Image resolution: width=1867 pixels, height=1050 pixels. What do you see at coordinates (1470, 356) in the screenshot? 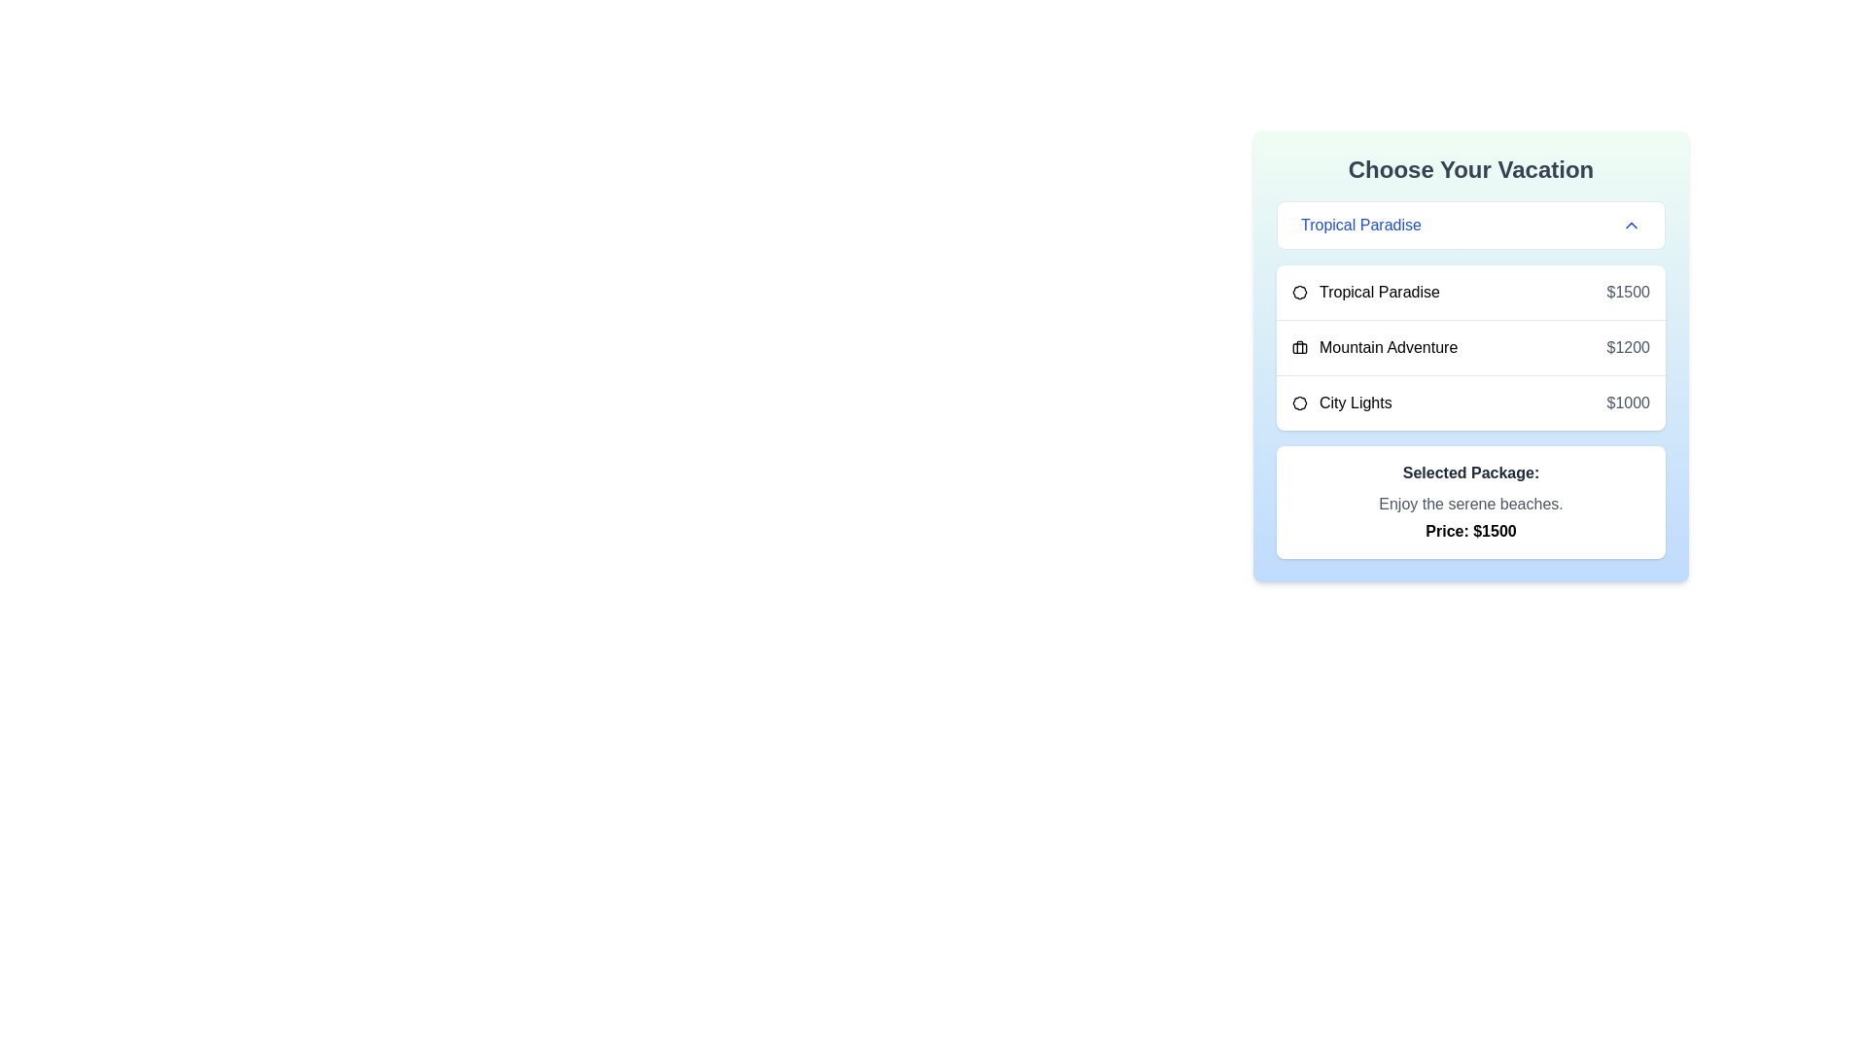
I see `the 'Mountain Adventure' package row in the Interactive selection panel titled 'Choose Your Vacation'` at bounding box center [1470, 356].